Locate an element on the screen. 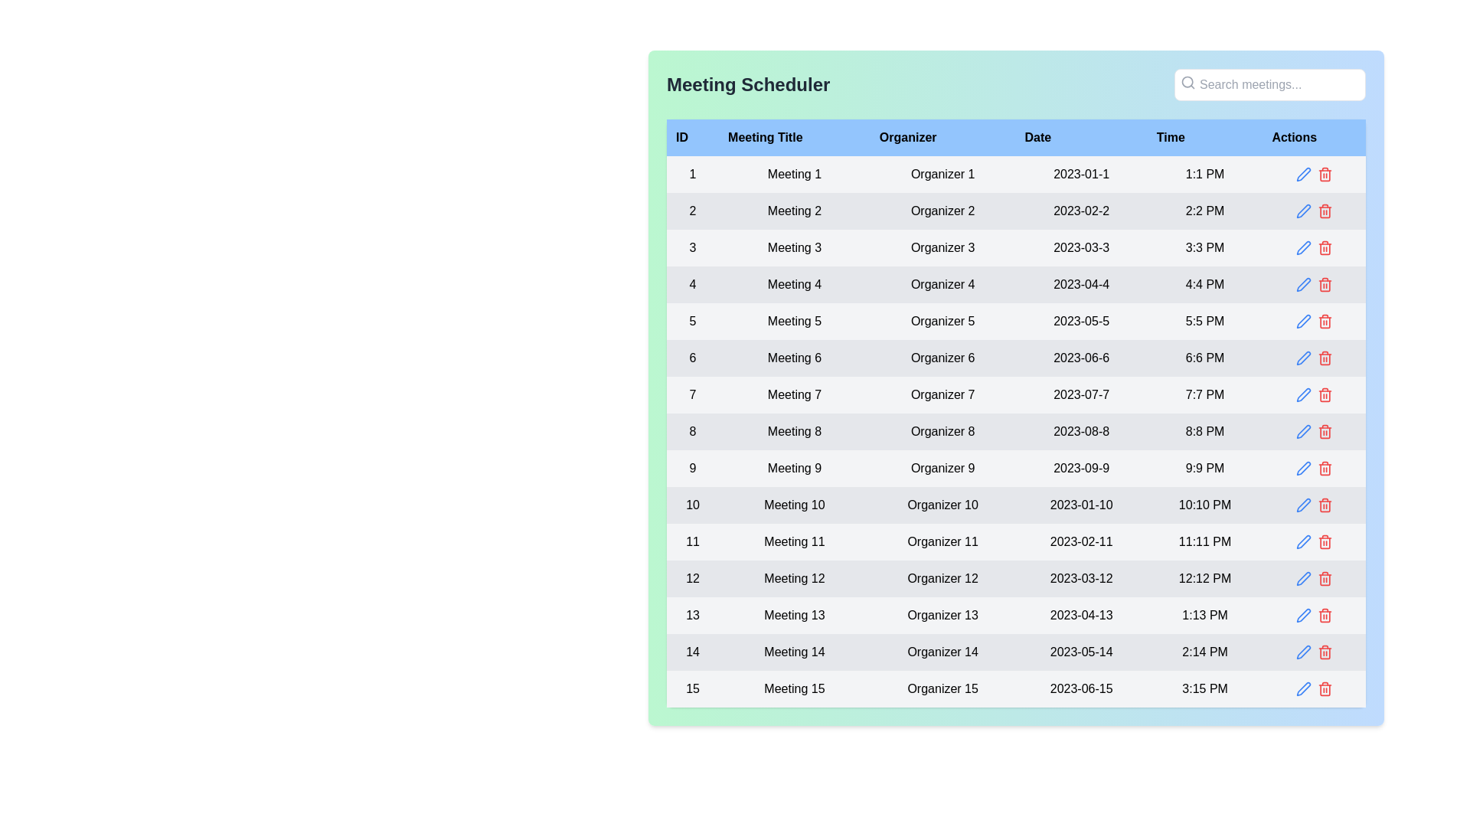  the 13th row of the Meeting Scheduler table which displays details of the scheduled meeting including ID, title, organizer, date, and time is located at coordinates (1016, 614).